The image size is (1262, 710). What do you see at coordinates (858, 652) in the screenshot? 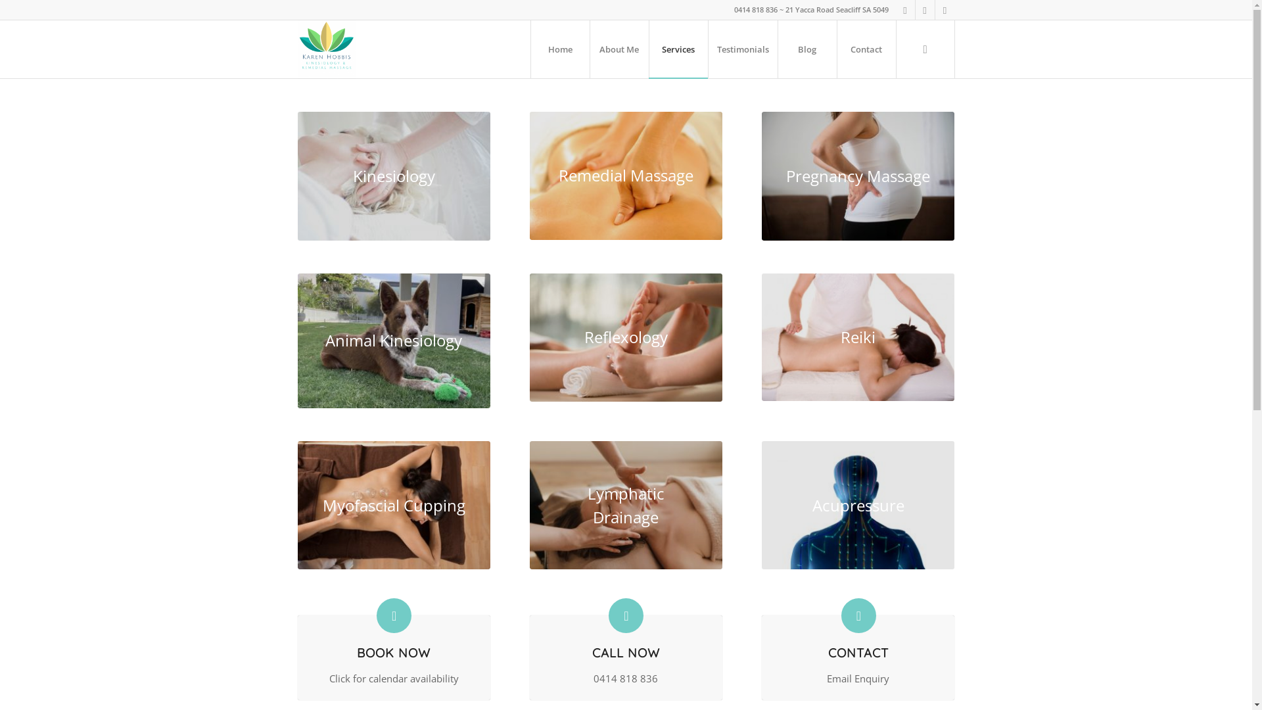
I see `'CONTACT'` at bounding box center [858, 652].